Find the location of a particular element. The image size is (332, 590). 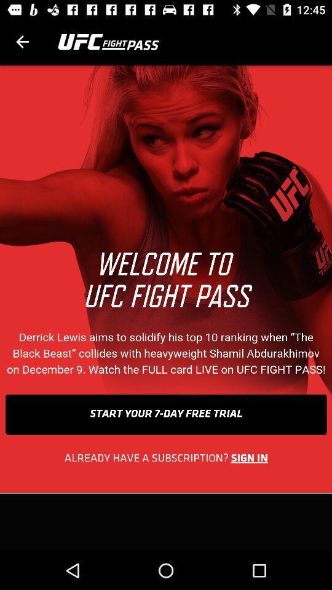

previous button is located at coordinates (22, 42).